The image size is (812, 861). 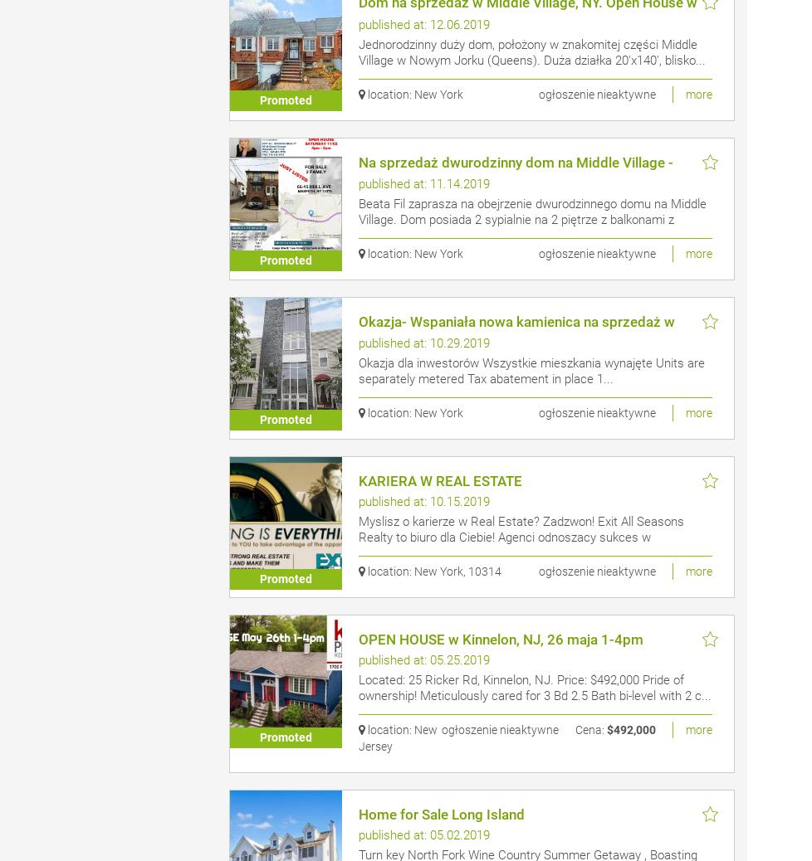 I want to click on 'published at: 10.15.2019', so click(x=357, y=501).